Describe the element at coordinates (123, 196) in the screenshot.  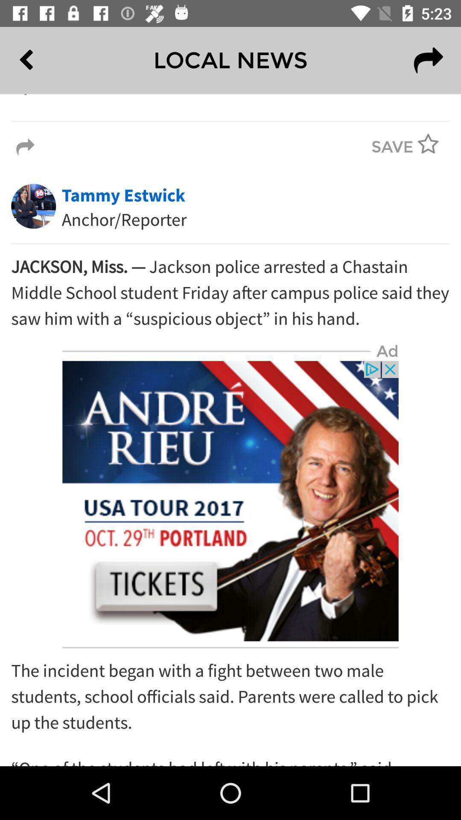
I see `tammy estwick above anchorreporter` at that location.